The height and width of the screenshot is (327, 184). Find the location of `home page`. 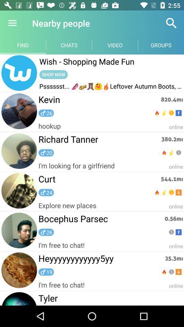

home page is located at coordinates (19, 73).